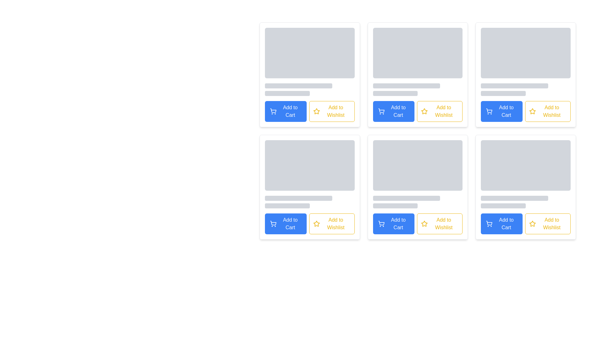  Describe the element at coordinates (381, 224) in the screenshot. I see `the icon located on the left end of the 'Add to Cart' button within the product card grid` at that location.